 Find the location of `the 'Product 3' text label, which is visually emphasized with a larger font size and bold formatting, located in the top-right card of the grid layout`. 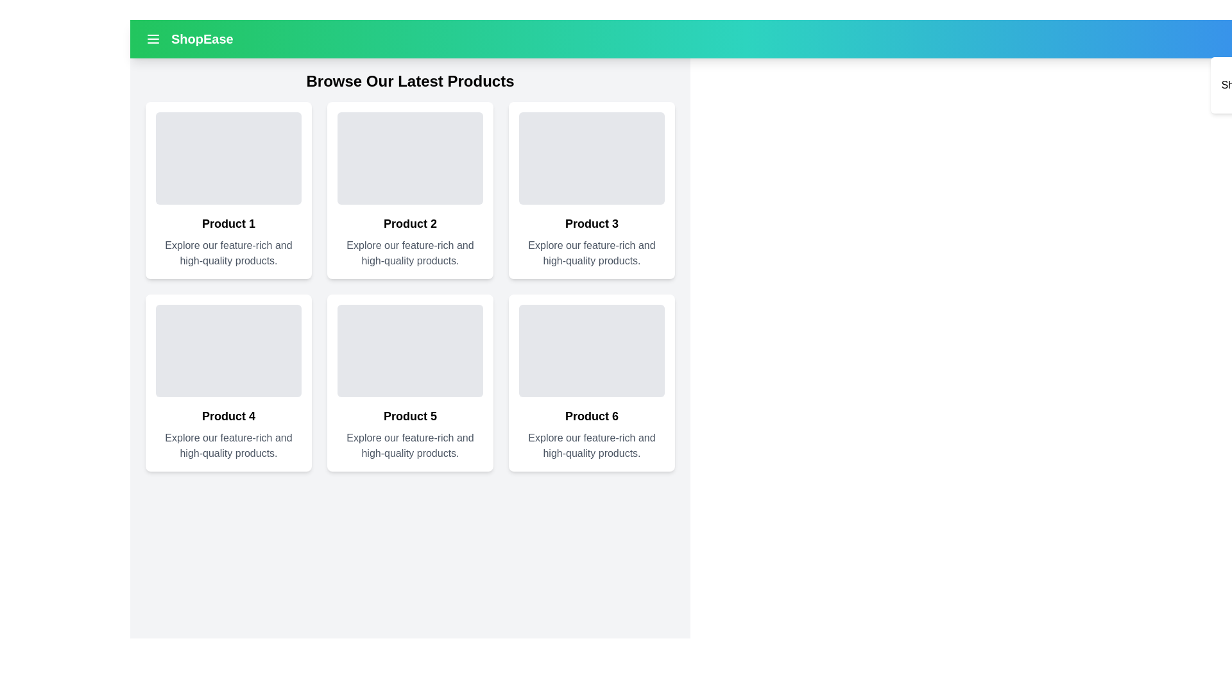

the 'Product 3' text label, which is visually emphasized with a larger font size and bold formatting, located in the top-right card of the grid layout is located at coordinates (591, 223).